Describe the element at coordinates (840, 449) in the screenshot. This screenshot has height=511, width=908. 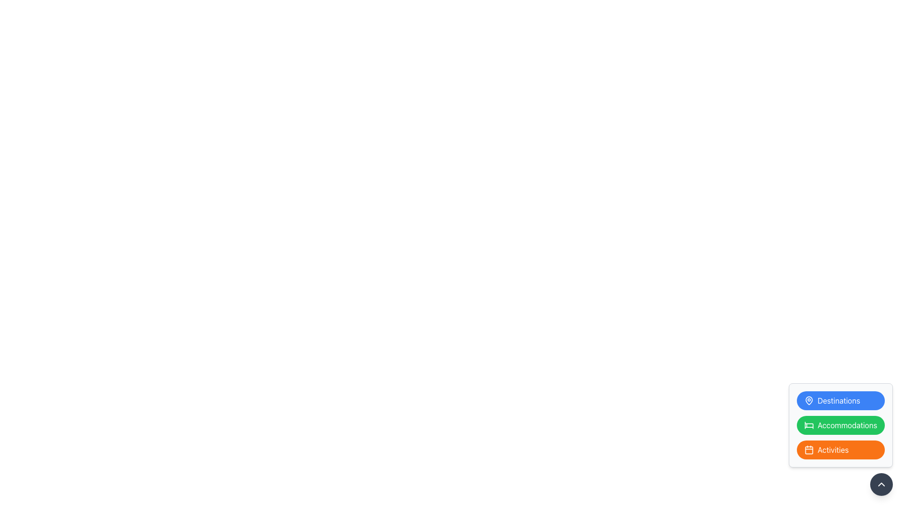
I see `the activities button, which is the third button in a vertical series, located below the 'Destinations' and 'Accommodations' buttons` at that location.